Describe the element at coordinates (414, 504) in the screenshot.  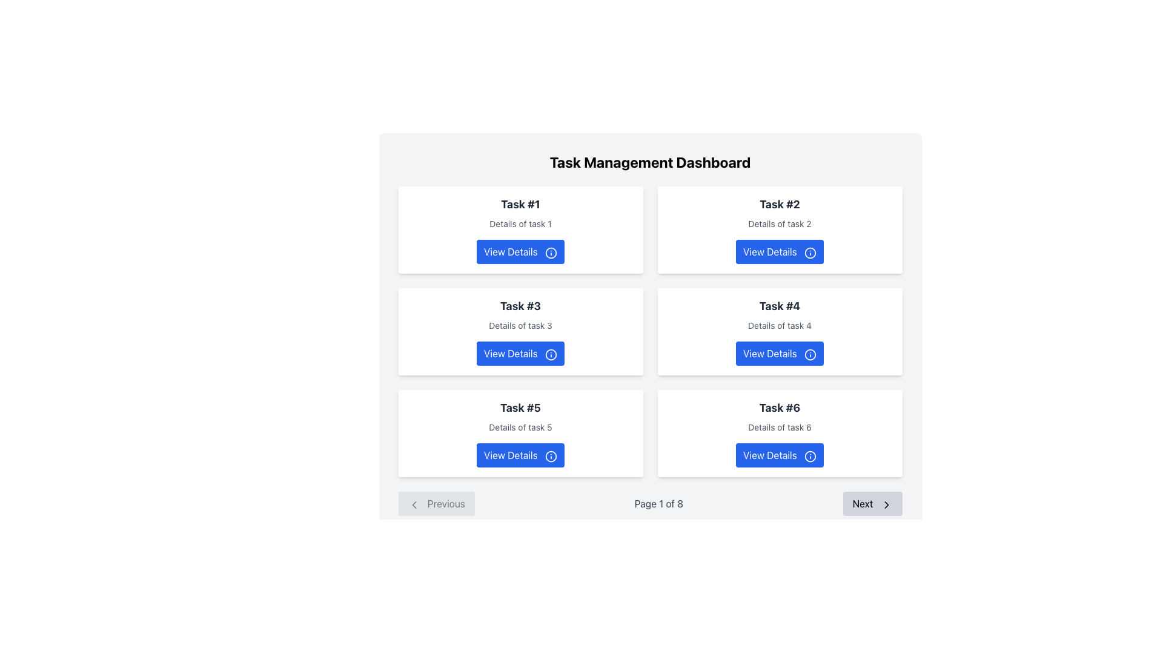
I see `the small black chevron-style left arrow SVG icon located directly to the left of the 'Previous' button` at that location.